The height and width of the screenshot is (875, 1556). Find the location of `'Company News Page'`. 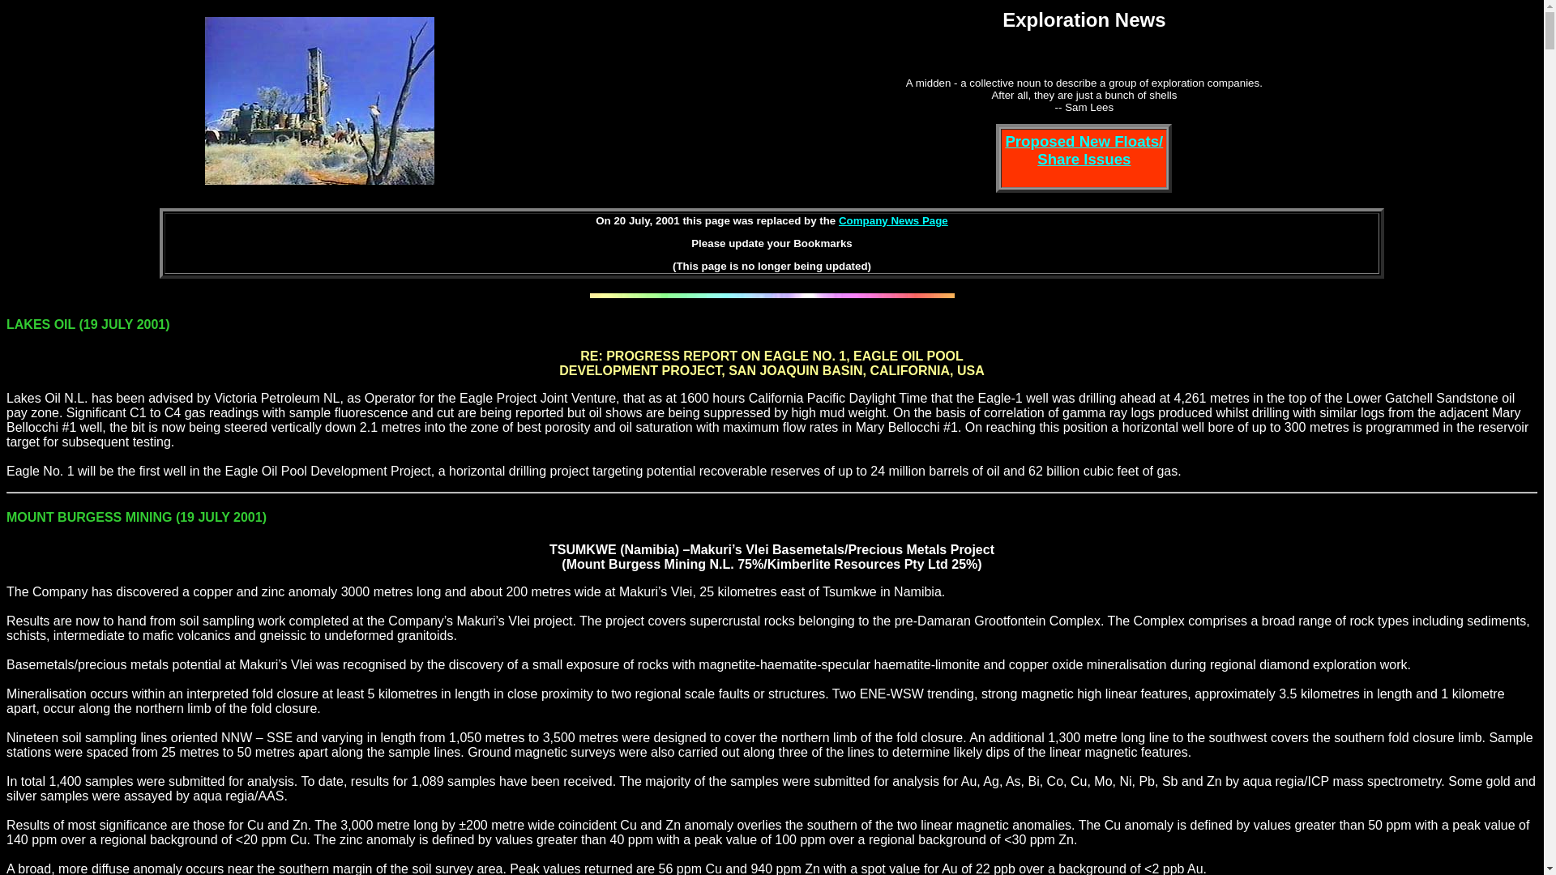

'Company News Page' is located at coordinates (892, 220).